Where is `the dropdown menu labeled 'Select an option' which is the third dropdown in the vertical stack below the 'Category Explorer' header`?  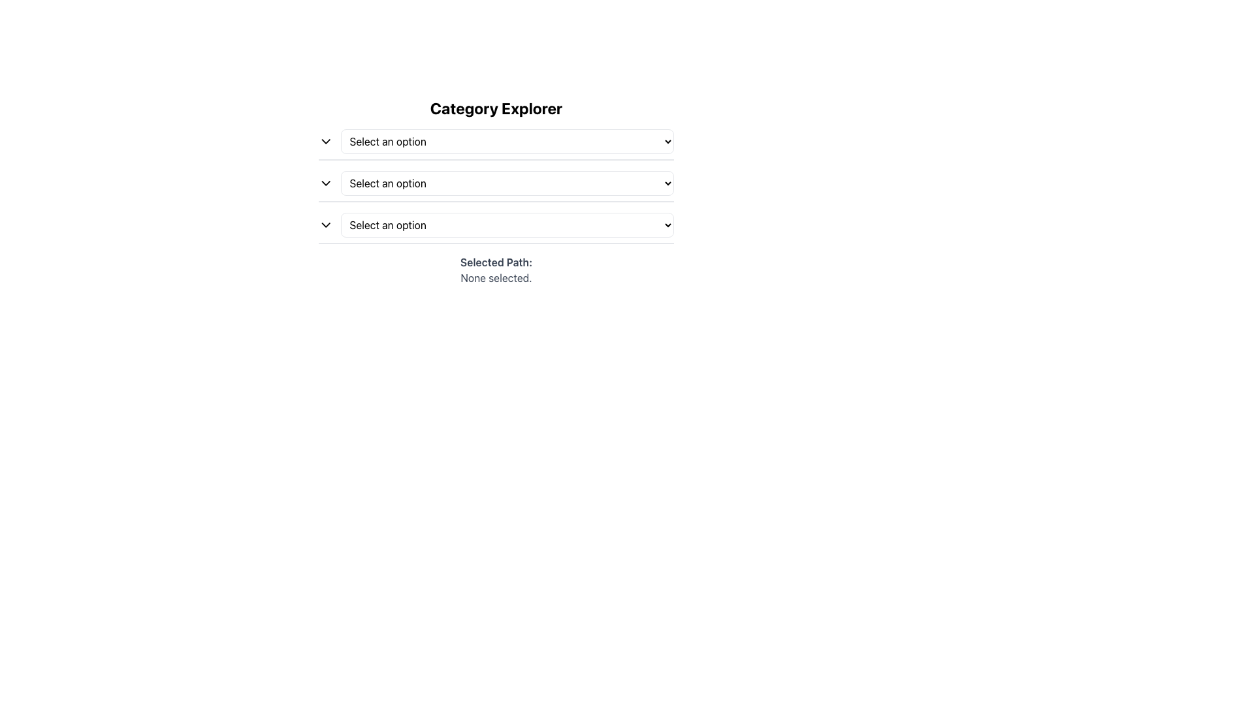 the dropdown menu labeled 'Select an option' which is the third dropdown in the vertical stack below the 'Category Explorer' header is located at coordinates (495, 228).